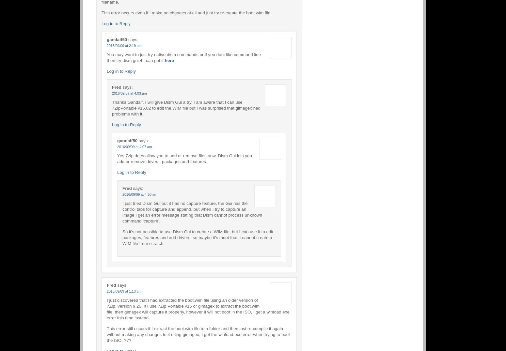  What do you see at coordinates (198, 334) in the screenshot?
I see `'This error still occurs if I extract the boot.wim file to a folder and then just re-compile it again without making any changes to it using gimagex, I get the winload.exe error when trying to boot the ISO. ???'` at bounding box center [198, 334].